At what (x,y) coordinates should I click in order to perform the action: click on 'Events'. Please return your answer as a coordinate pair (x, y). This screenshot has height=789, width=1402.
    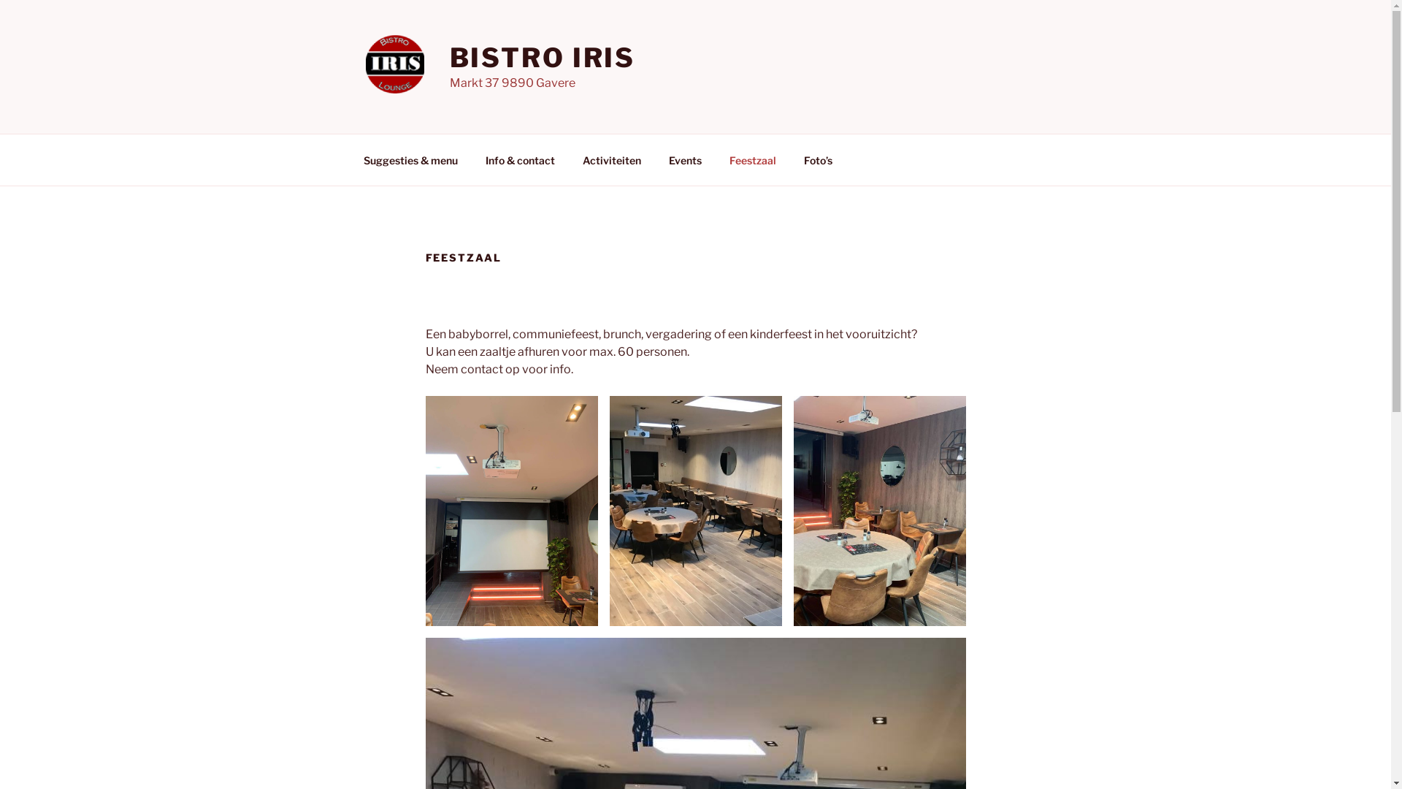
    Looking at the image, I should click on (683, 159).